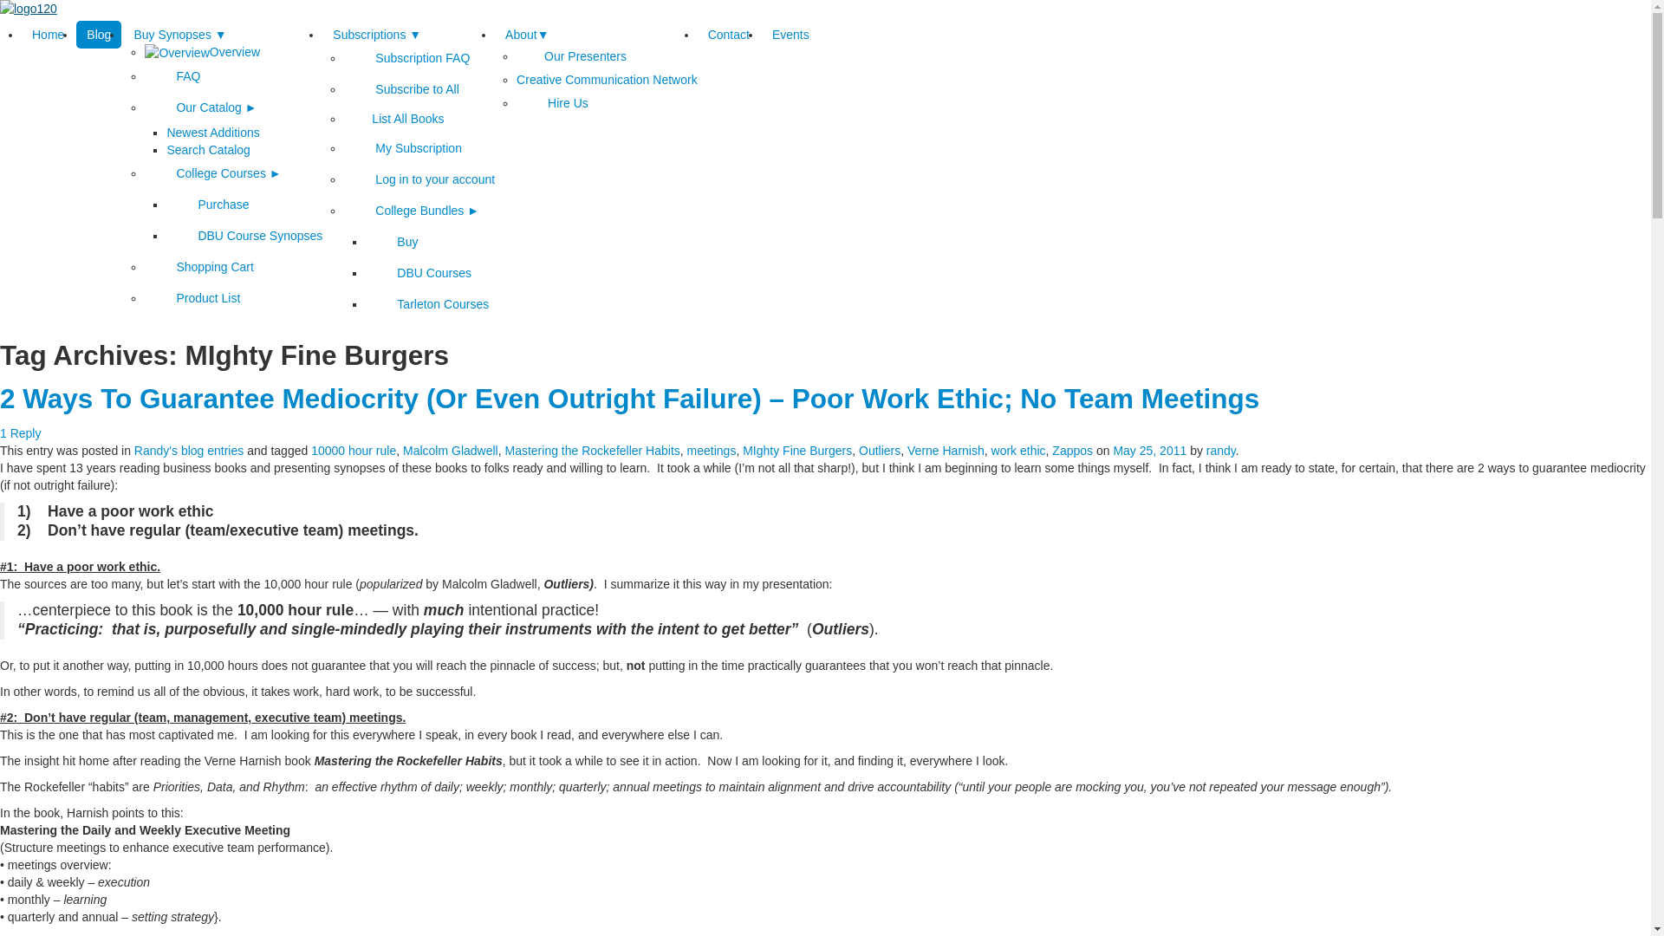  What do you see at coordinates (98, 34) in the screenshot?
I see `'Blog'` at bounding box center [98, 34].